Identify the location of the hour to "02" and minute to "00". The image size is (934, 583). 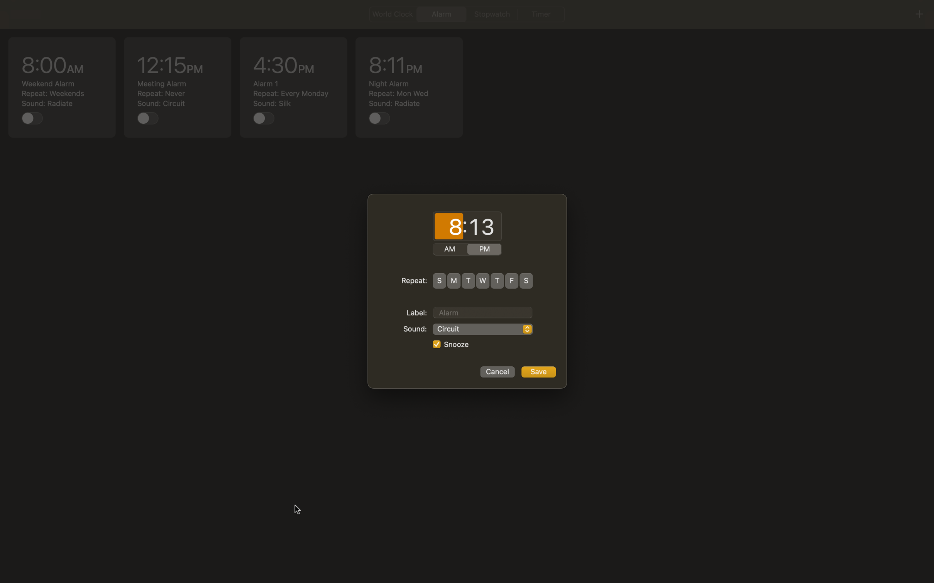
(448, 227).